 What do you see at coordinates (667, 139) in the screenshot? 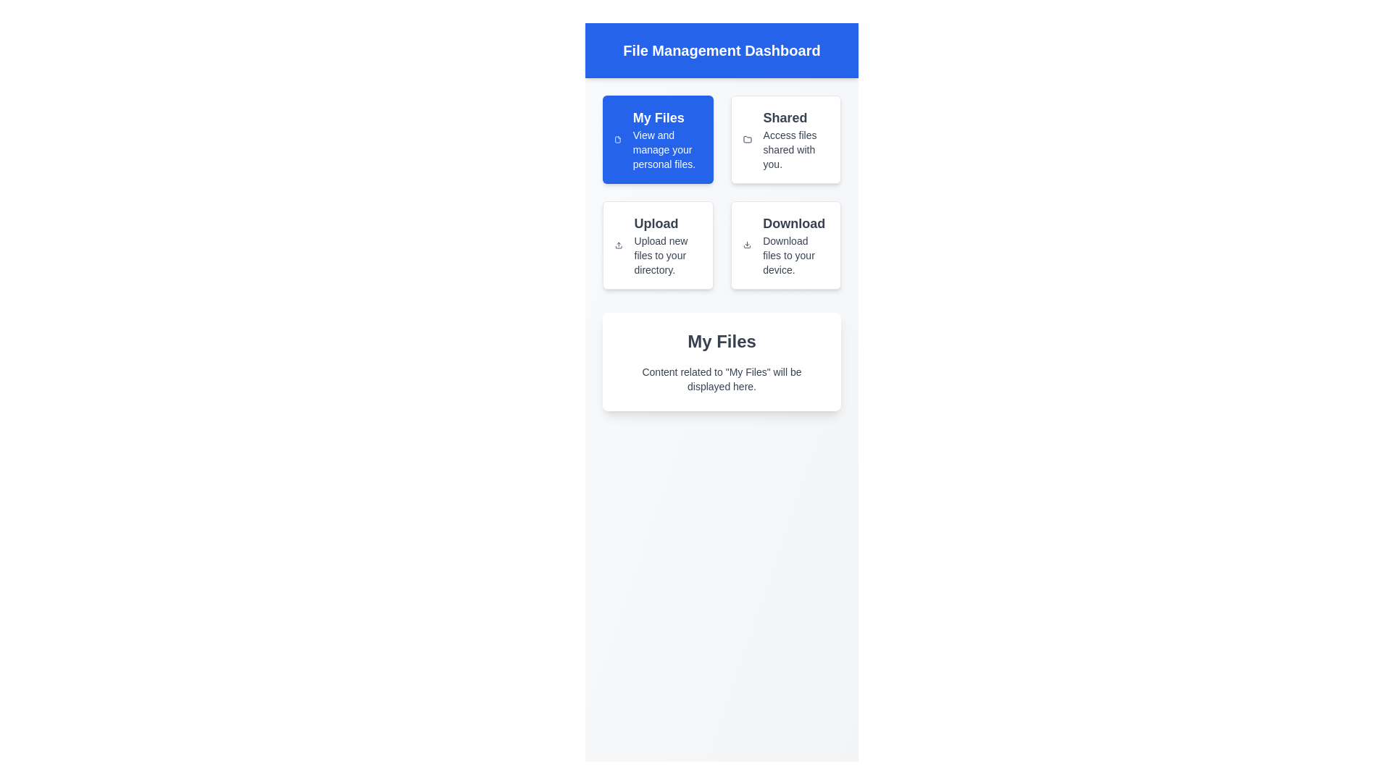
I see `the clickable text element that manages personal files, located in the first column and first row of the grid layout in the File Management Dashboard` at bounding box center [667, 139].